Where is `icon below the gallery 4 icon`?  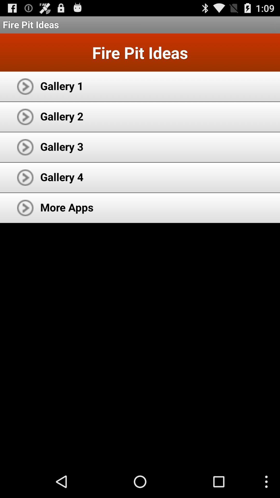
icon below the gallery 4 icon is located at coordinates (67, 207).